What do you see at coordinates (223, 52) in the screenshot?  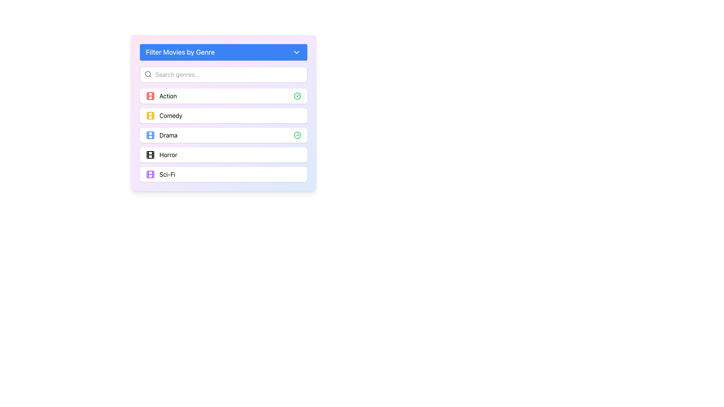 I see `the Dropdown toggle labeled 'Filter Movies by Genre' using the tab key` at bounding box center [223, 52].